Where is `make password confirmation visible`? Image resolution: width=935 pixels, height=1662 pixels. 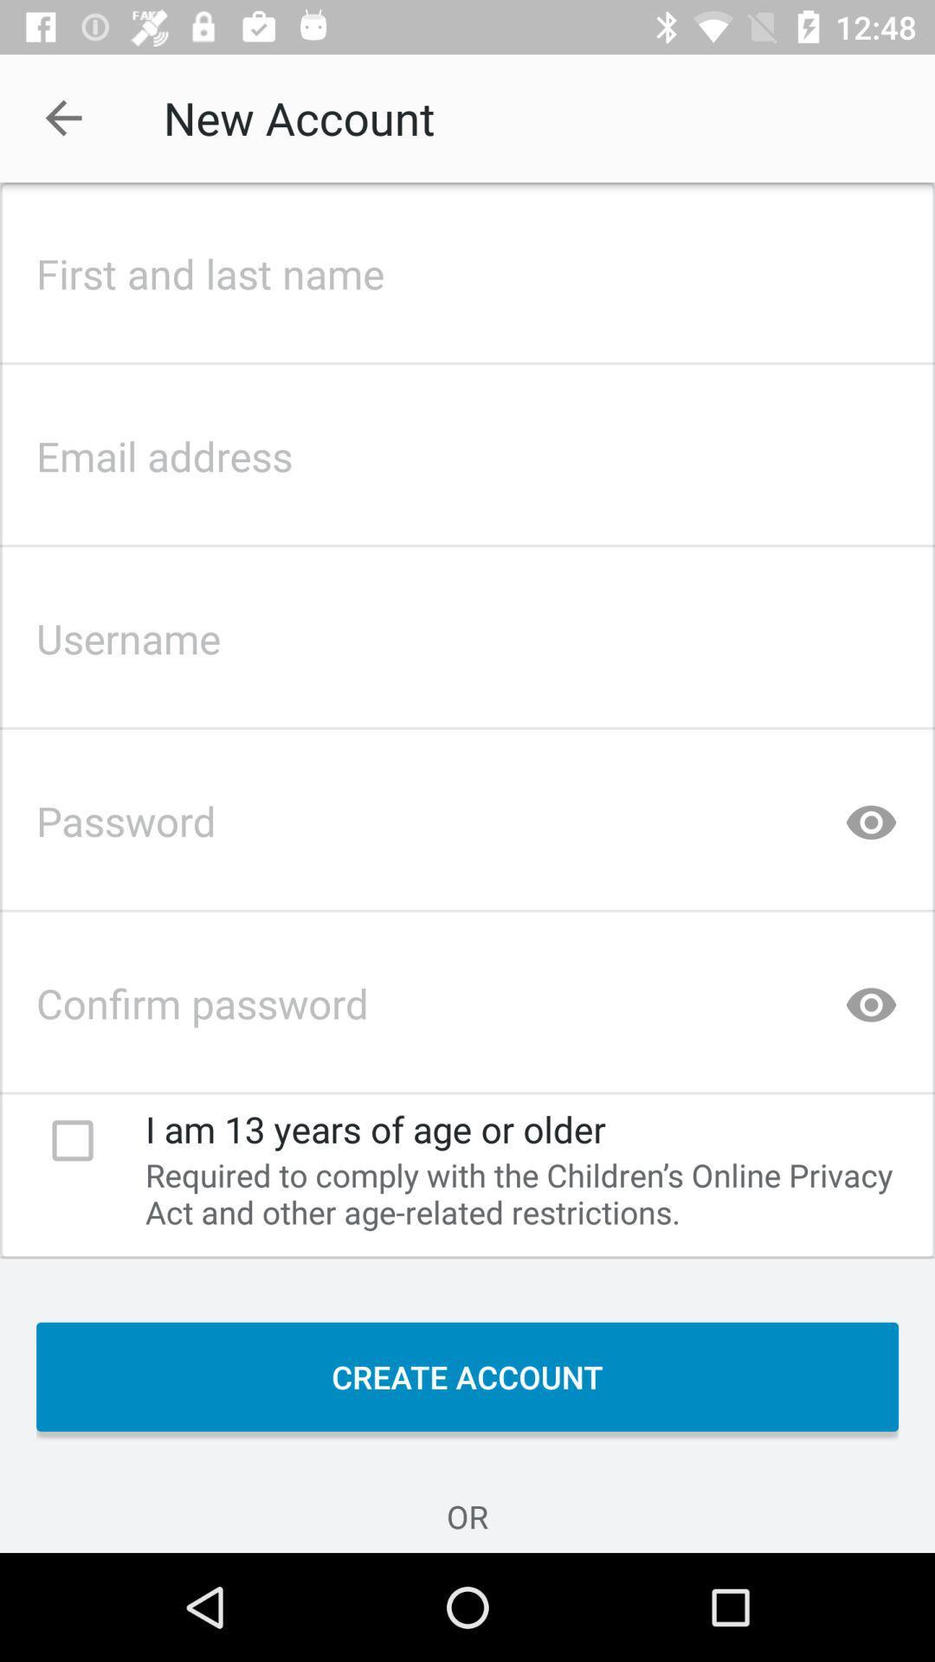 make password confirmation visible is located at coordinates (871, 998).